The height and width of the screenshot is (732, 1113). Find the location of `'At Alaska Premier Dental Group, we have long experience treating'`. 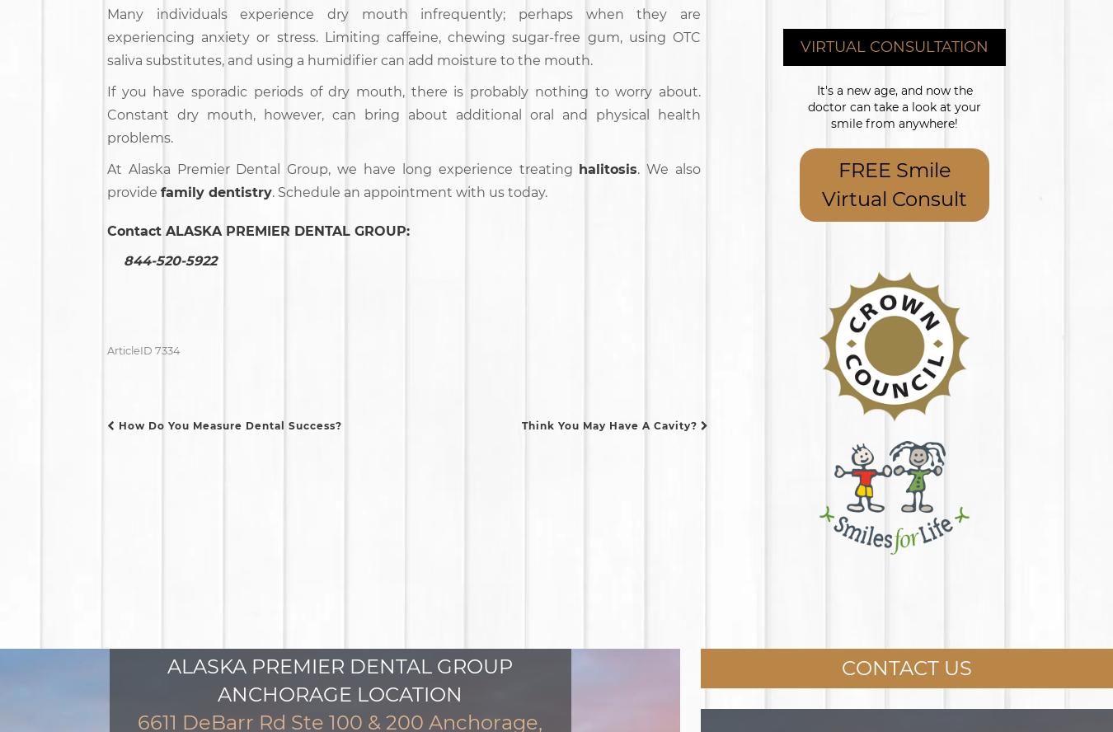

'At Alaska Premier Dental Group, we have long experience treating' is located at coordinates (342, 168).